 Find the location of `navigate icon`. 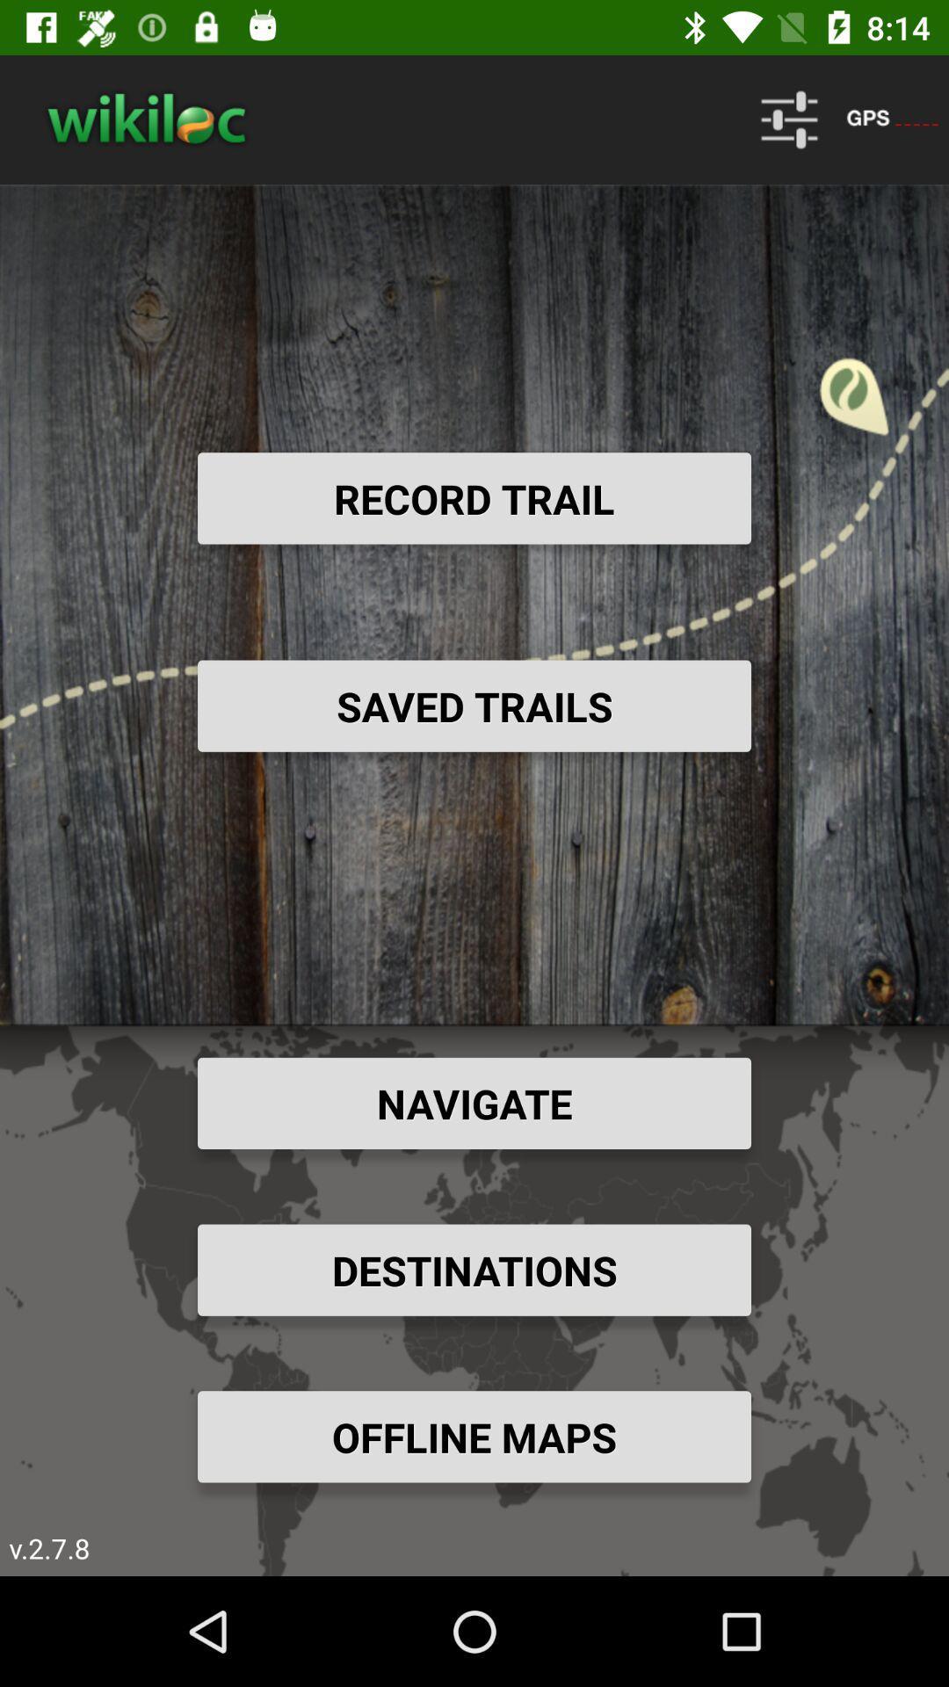

navigate icon is located at coordinates (474, 1102).